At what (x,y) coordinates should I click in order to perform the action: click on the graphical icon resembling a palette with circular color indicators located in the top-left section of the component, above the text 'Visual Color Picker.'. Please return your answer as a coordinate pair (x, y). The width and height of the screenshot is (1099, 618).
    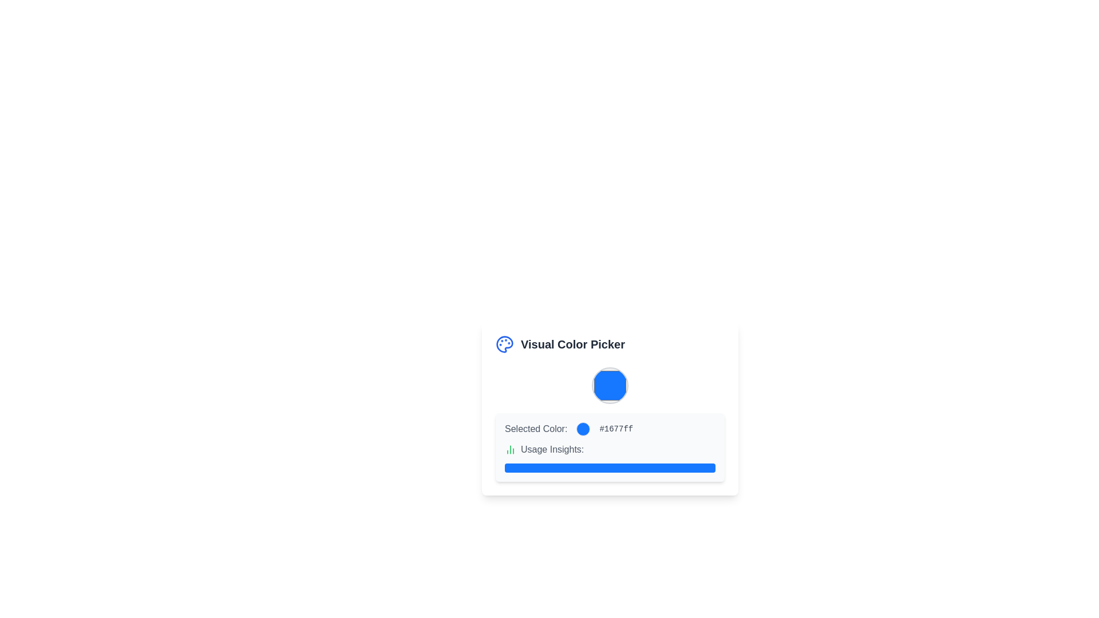
    Looking at the image, I should click on (504, 343).